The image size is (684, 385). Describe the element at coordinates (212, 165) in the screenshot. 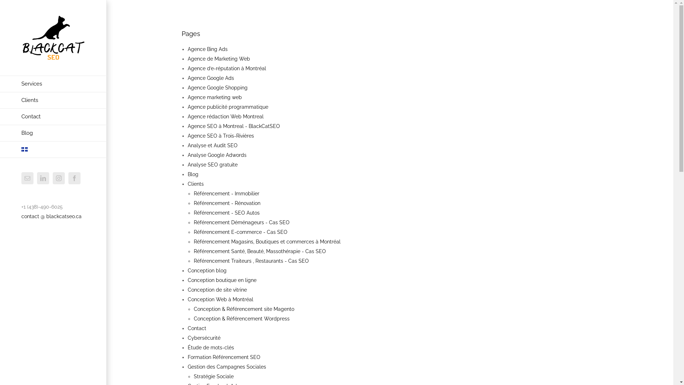

I see `'Analyse SEO gratuite'` at that location.